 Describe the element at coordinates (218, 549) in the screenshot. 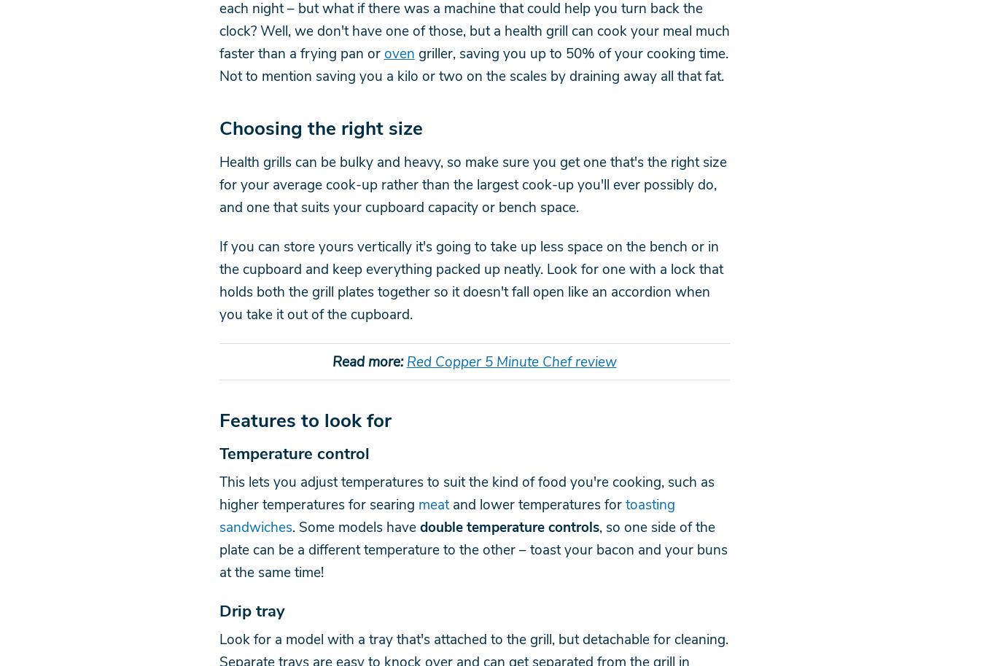

I see `', so one side of the plate can be a different temperature to the other – toast your bacon and your buns at the same time!'` at that location.